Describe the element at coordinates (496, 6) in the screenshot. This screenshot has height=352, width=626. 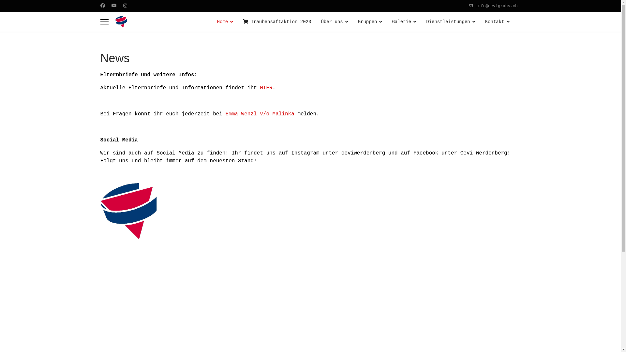
I see `'info@cevigrabs.ch'` at that location.